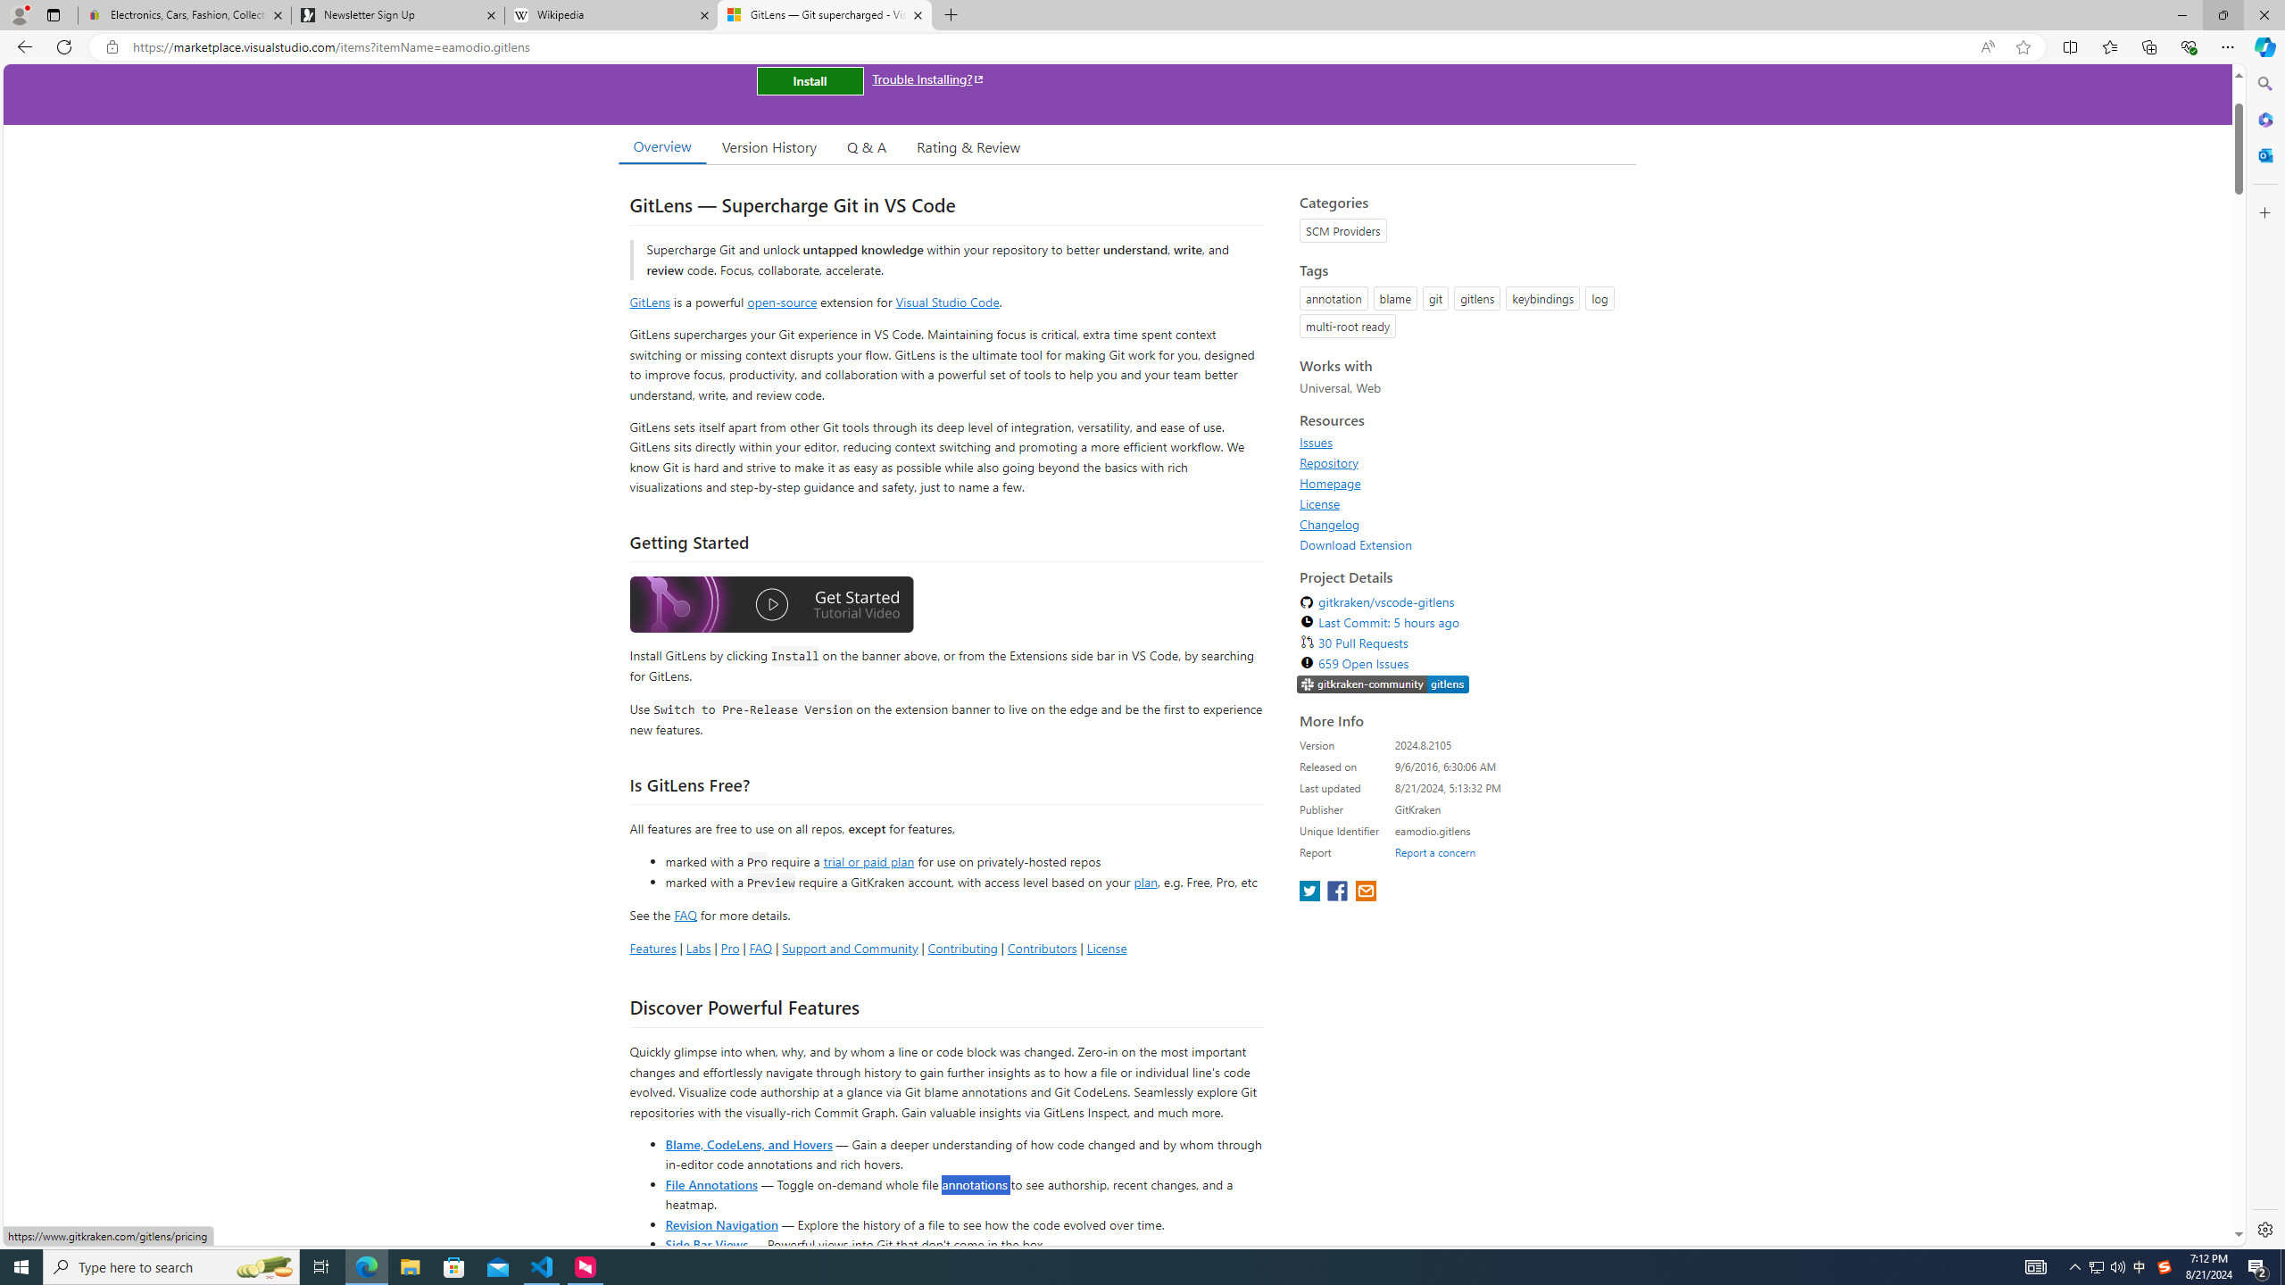 The image size is (2285, 1285). What do you see at coordinates (1383, 684) in the screenshot?
I see `'https://slack.gitkraken.com//'` at bounding box center [1383, 684].